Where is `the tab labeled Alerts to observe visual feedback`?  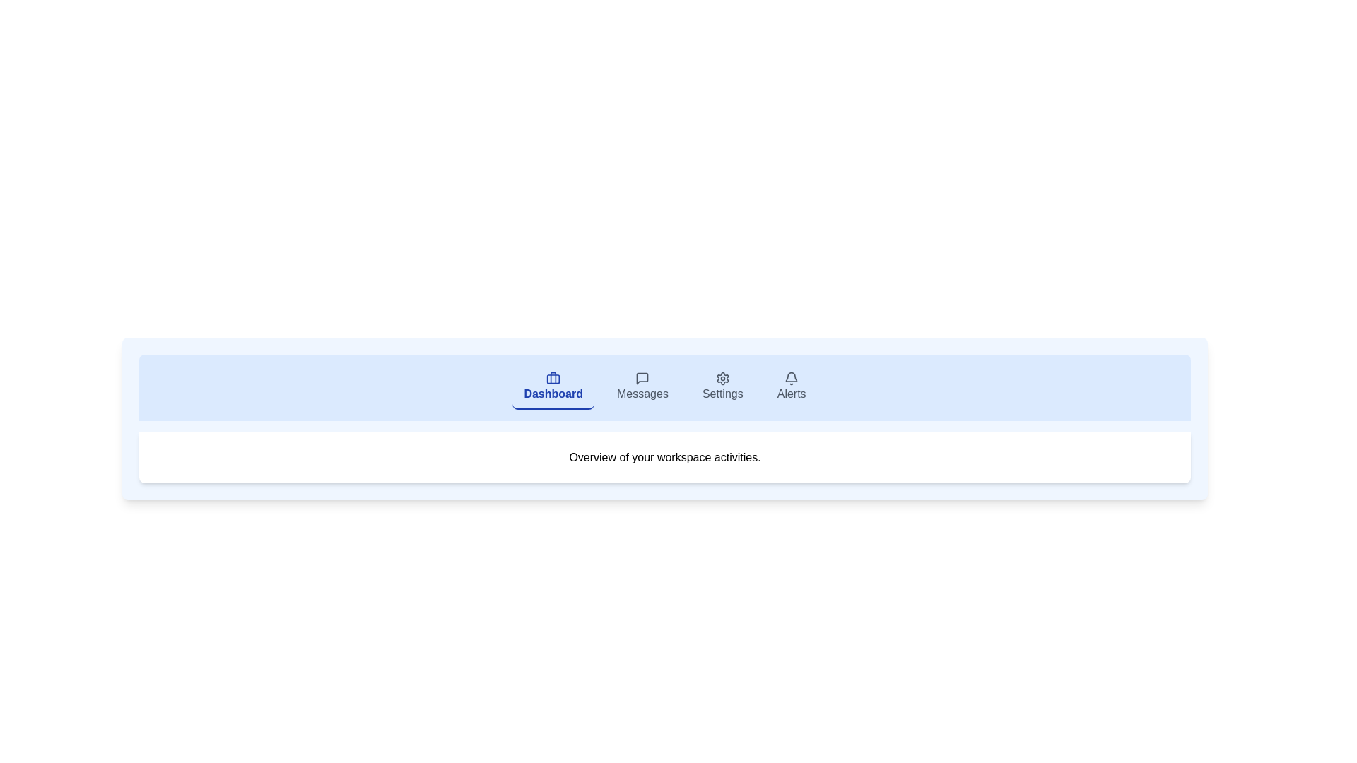 the tab labeled Alerts to observe visual feedback is located at coordinates (790, 387).